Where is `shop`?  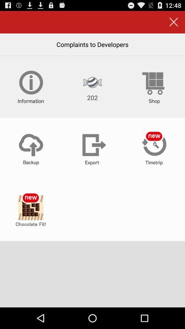
shop is located at coordinates (154, 86).